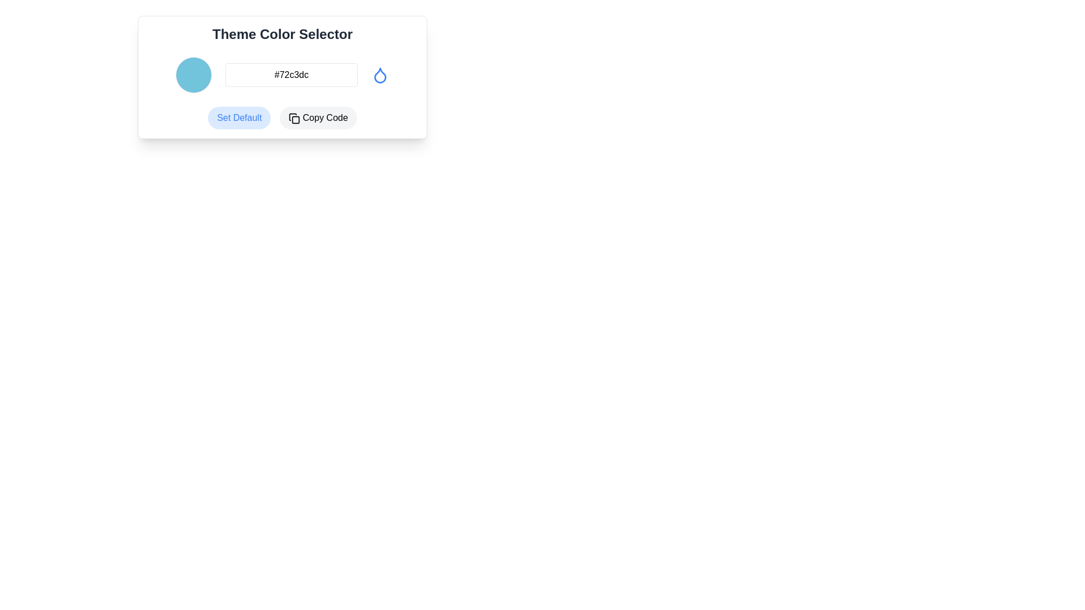 This screenshot has width=1085, height=610. What do you see at coordinates (294, 118) in the screenshot?
I see `the 'Copy Code' button, which contains the icon for copying action, positioned at the bottom right of the interface, next to the 'Set Default' button` at bounding box center [294, 118].